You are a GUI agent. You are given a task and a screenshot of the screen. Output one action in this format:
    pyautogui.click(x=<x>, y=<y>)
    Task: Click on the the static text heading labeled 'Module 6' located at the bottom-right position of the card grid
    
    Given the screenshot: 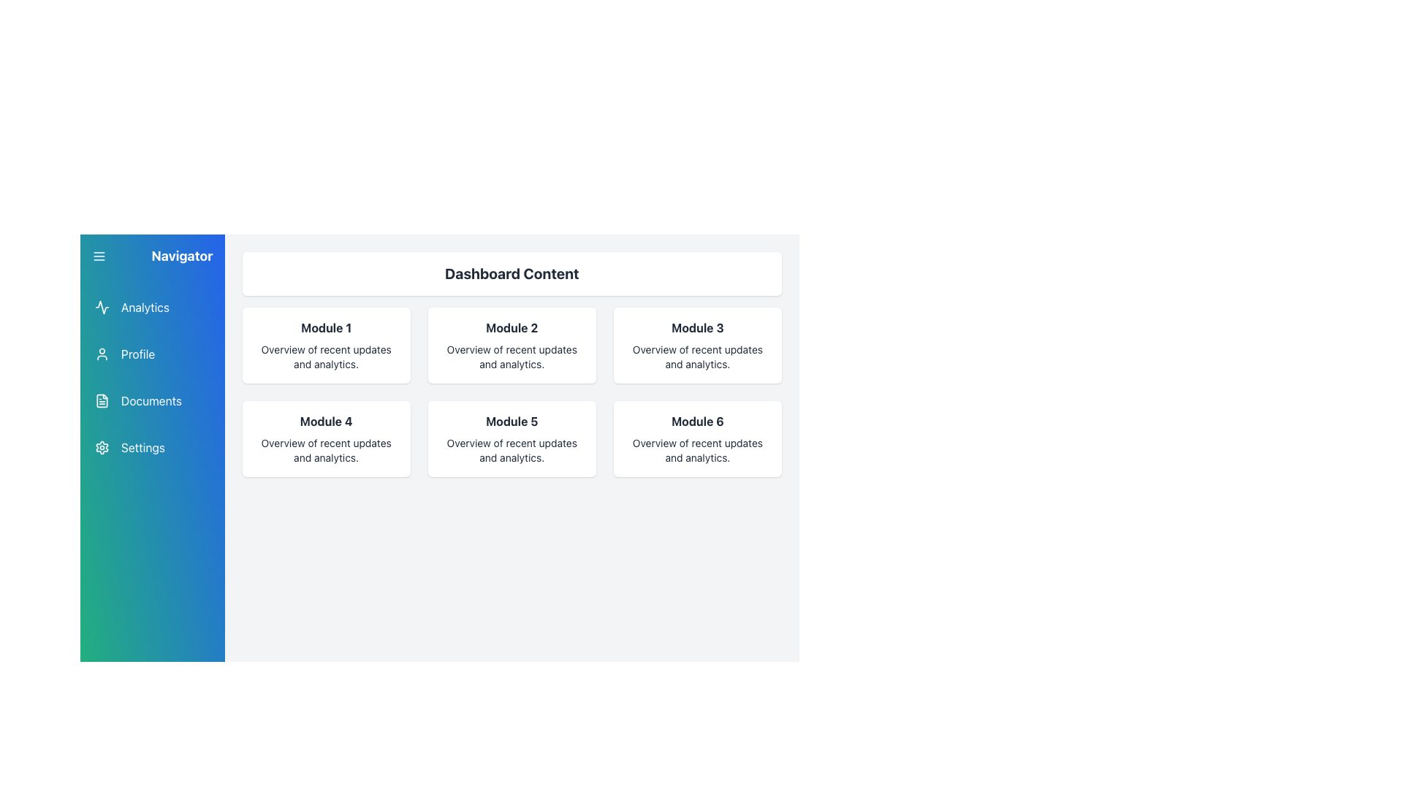 What is the action you would take?
    pyautogui.click(x=697, y=422)
    